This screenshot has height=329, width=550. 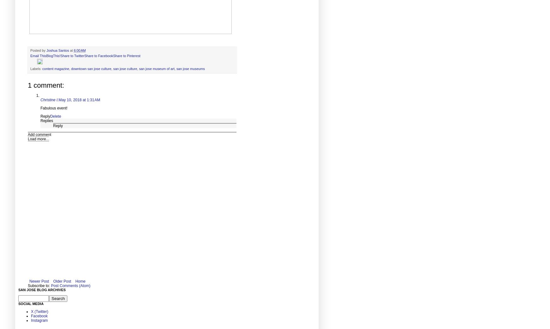 I want to click on 'Older Post', so click(x=62, y=281).